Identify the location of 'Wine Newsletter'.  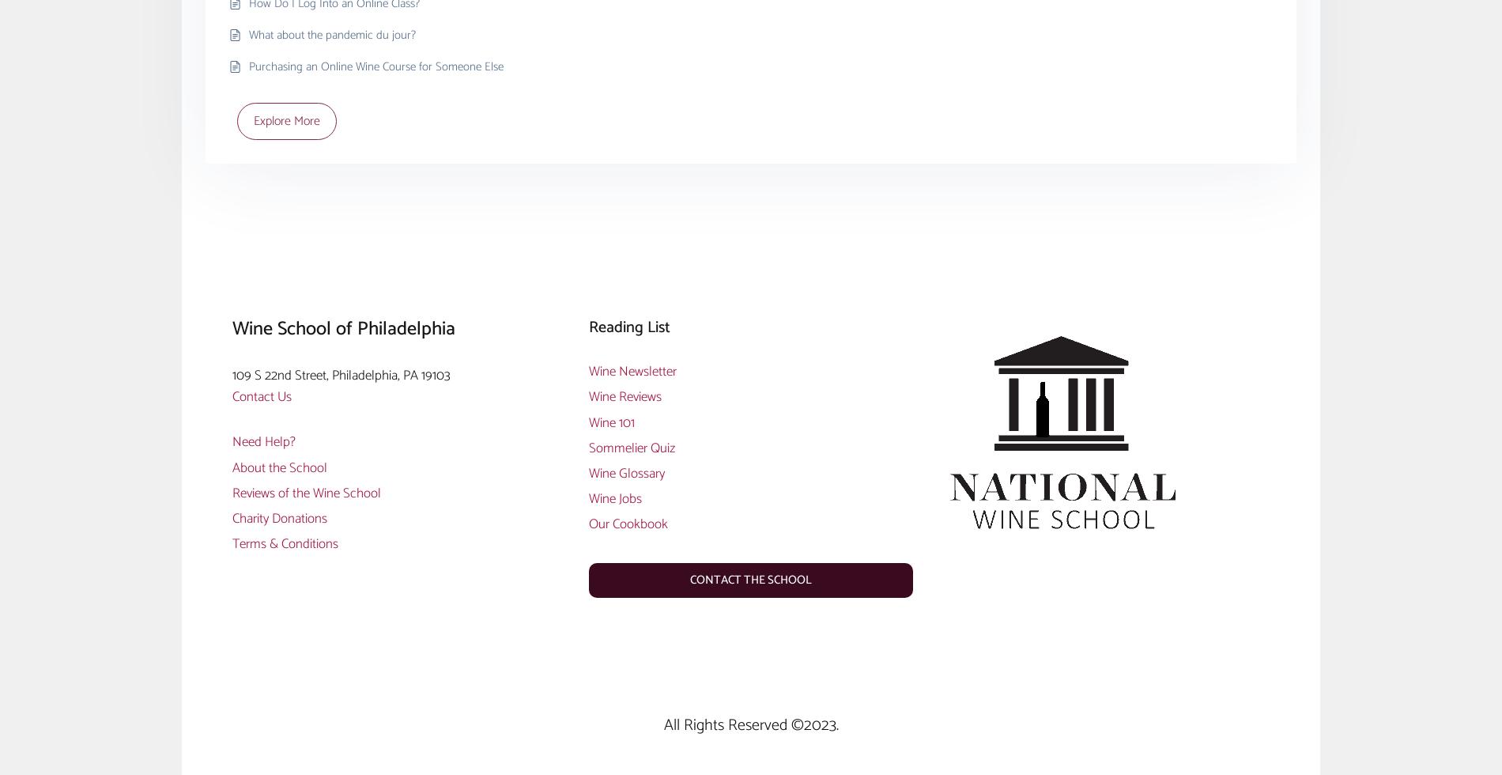
(631, 372).